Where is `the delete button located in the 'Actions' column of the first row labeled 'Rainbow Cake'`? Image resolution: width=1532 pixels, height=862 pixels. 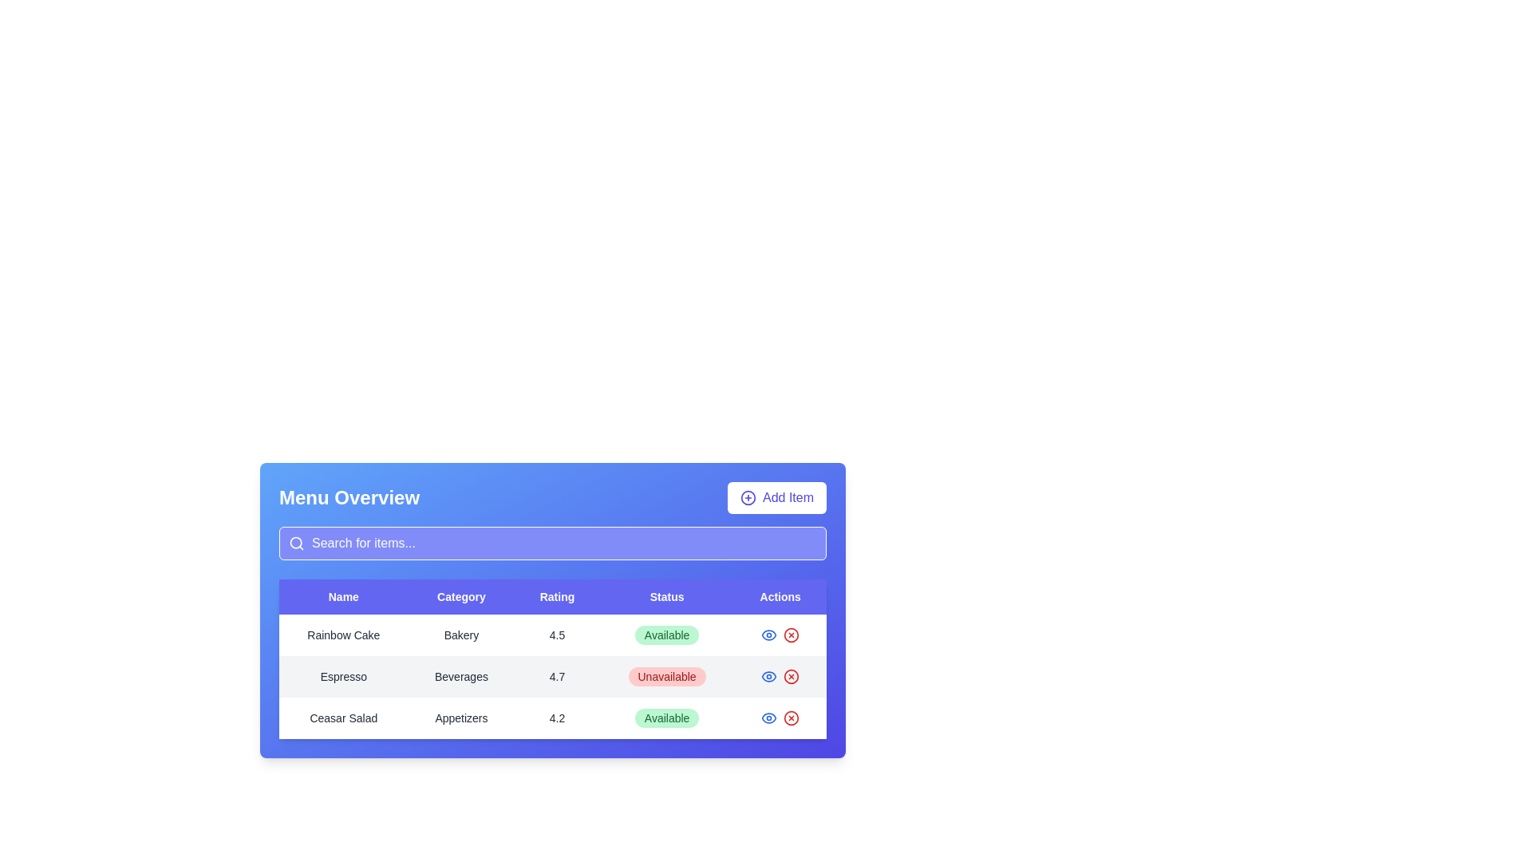
the delete button located in the 'Actions' column of the first row labeled 'Rainbow Cake' is located at coordinates (792, 634).